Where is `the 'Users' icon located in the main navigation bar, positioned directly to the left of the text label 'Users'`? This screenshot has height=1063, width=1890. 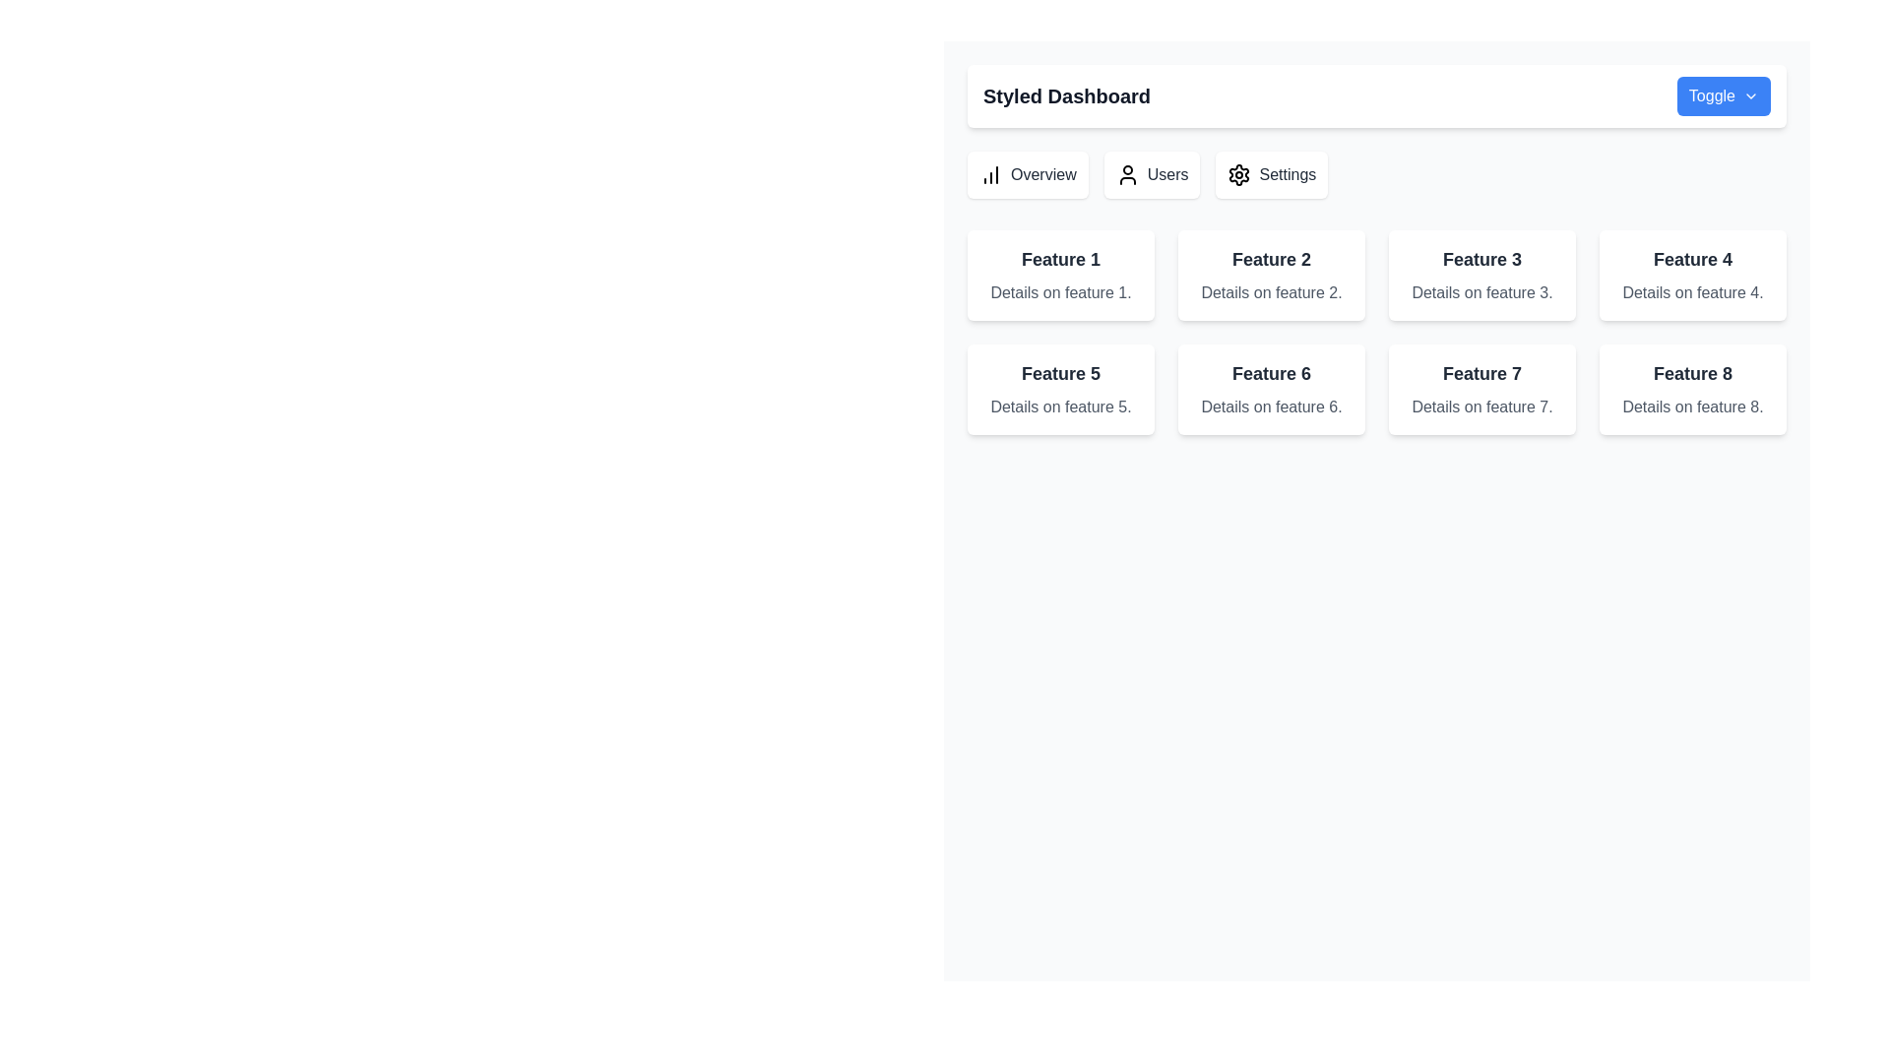
the 'Users' icon located in the main navigation bar, positioned directly to the left of the text label 'Users' is located at coordinates (1127, 173).